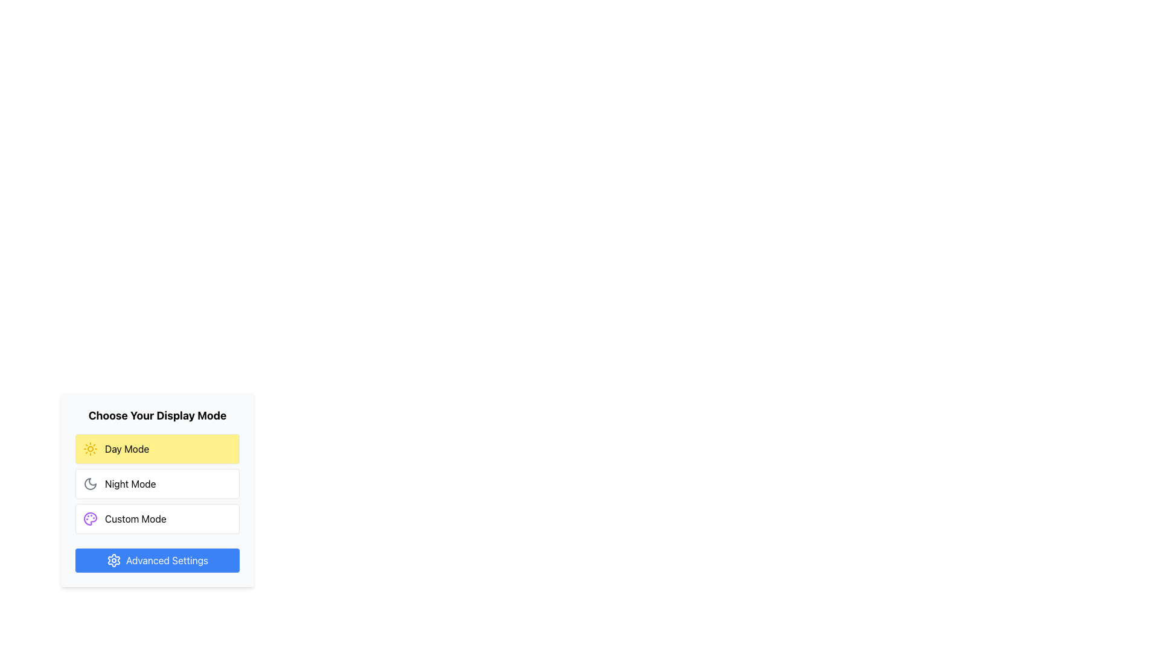  What do you see at coordinates (89, 483) in the screenshot?
I see `the crescent moon icon located to the left of the 'Night Mode' text label within its rectangular button` at bounding box center [89, 483].